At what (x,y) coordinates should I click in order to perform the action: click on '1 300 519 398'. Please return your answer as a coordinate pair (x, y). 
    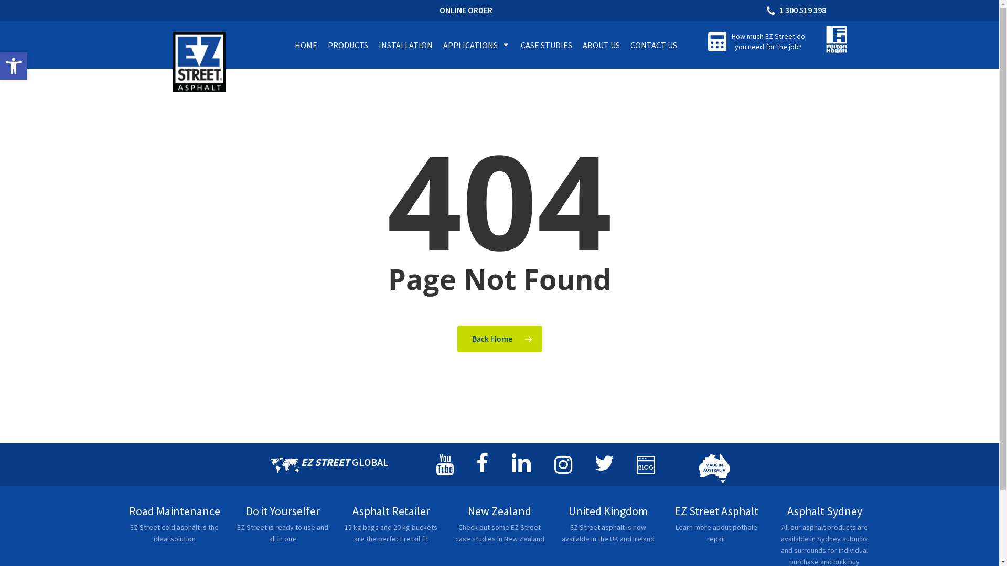
    Looking at the image, I should click on (797, 10).